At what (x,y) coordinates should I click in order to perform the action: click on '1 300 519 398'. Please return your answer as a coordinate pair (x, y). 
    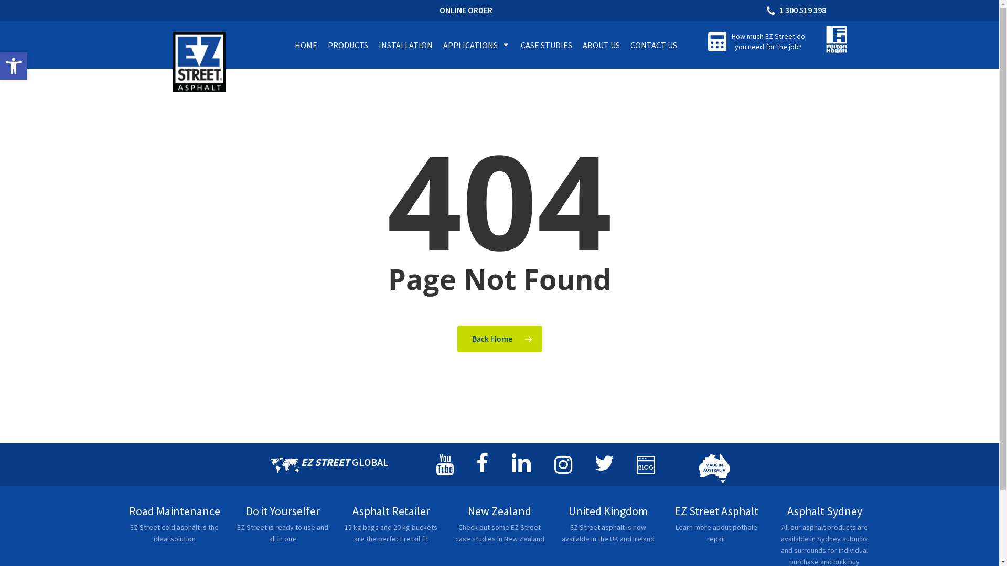
    Looking at the image, I should click on (797, 10).